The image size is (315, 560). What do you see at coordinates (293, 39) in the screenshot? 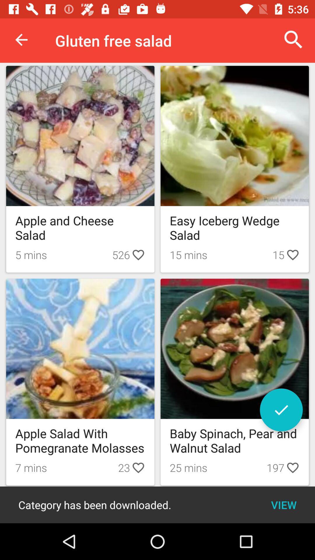
I see `the item next to the gluten free salad` at bounding box center [293, 39].